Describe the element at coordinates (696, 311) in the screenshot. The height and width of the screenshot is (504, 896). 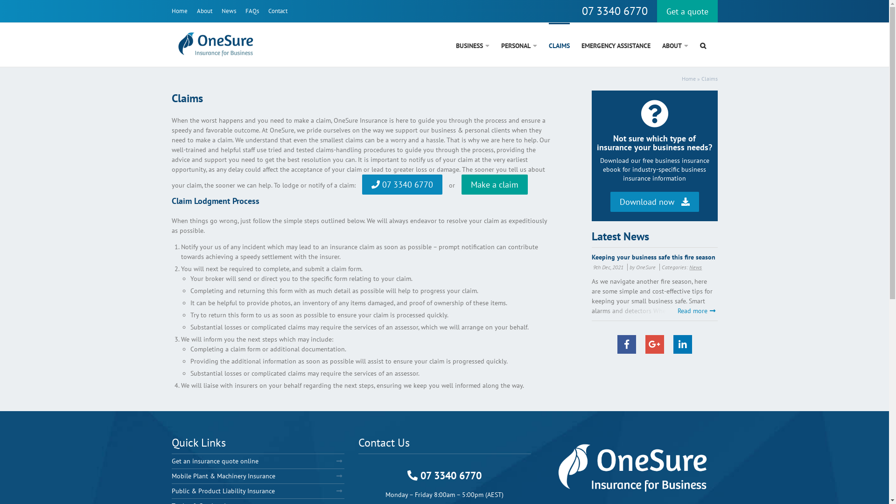
I see `'Read more'` at that location.